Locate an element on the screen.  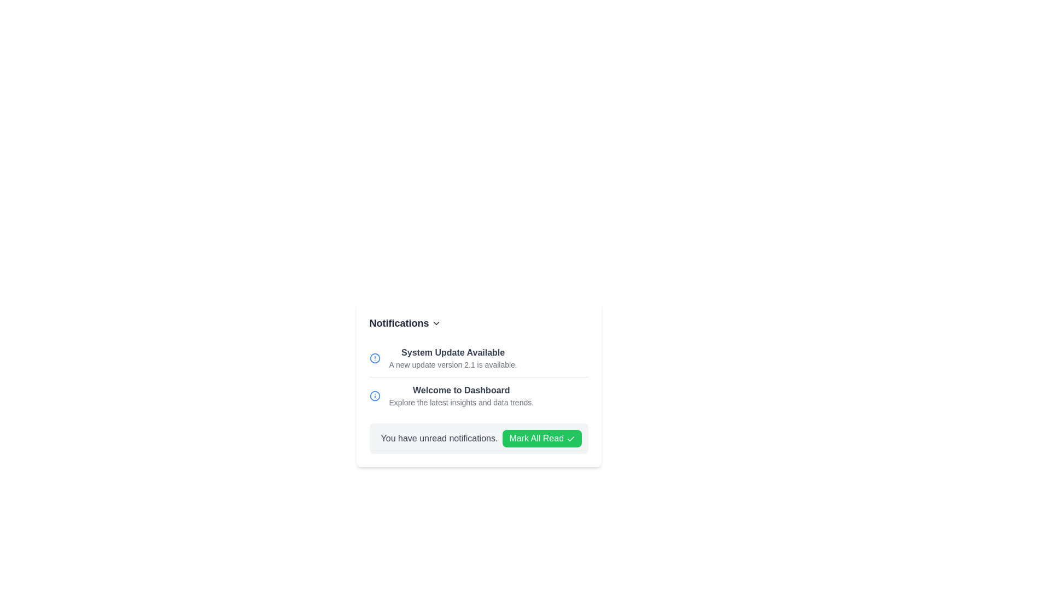
the text label that displays 'System Update Available', which is styled in bold dark gray and positioned at the top of the notification card is located at coordinates (453, 352).